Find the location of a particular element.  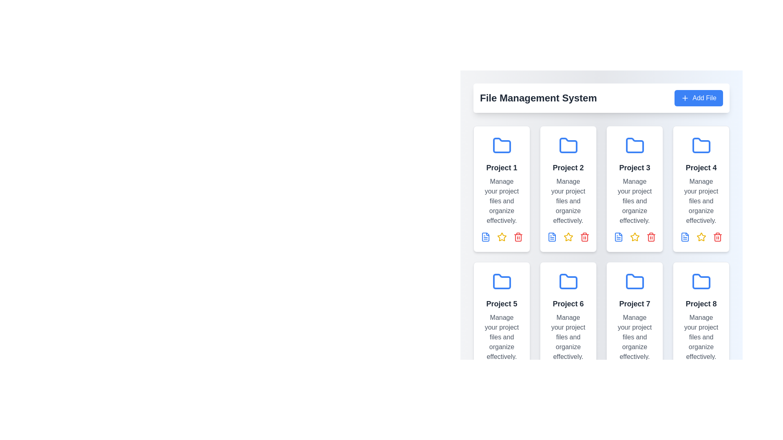

the blue folder icon with rounded corners located in the first card from the top-left corner, above the text 'Project 1' is located at coordinates (501, 145).